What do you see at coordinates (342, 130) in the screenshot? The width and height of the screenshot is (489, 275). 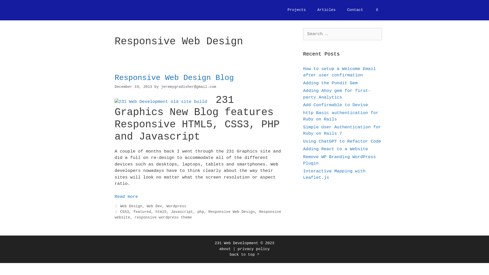 I see `'Simple User Authentication for Ruby on Rails 7'` at bounding box center [342, 130].